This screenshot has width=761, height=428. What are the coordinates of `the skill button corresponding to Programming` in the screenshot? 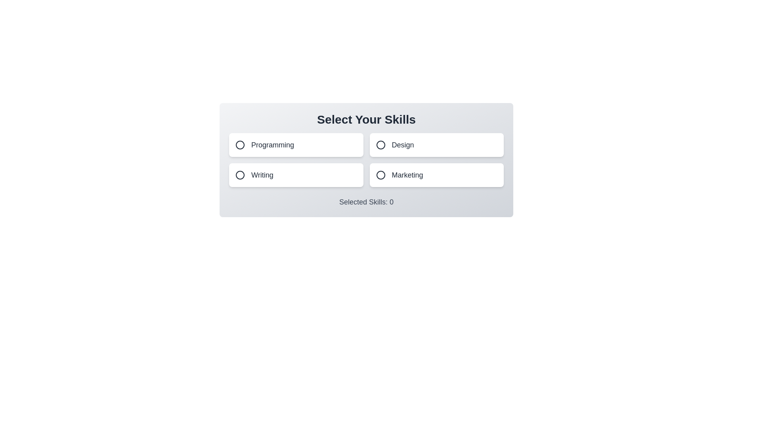 It's located at (296, 145).